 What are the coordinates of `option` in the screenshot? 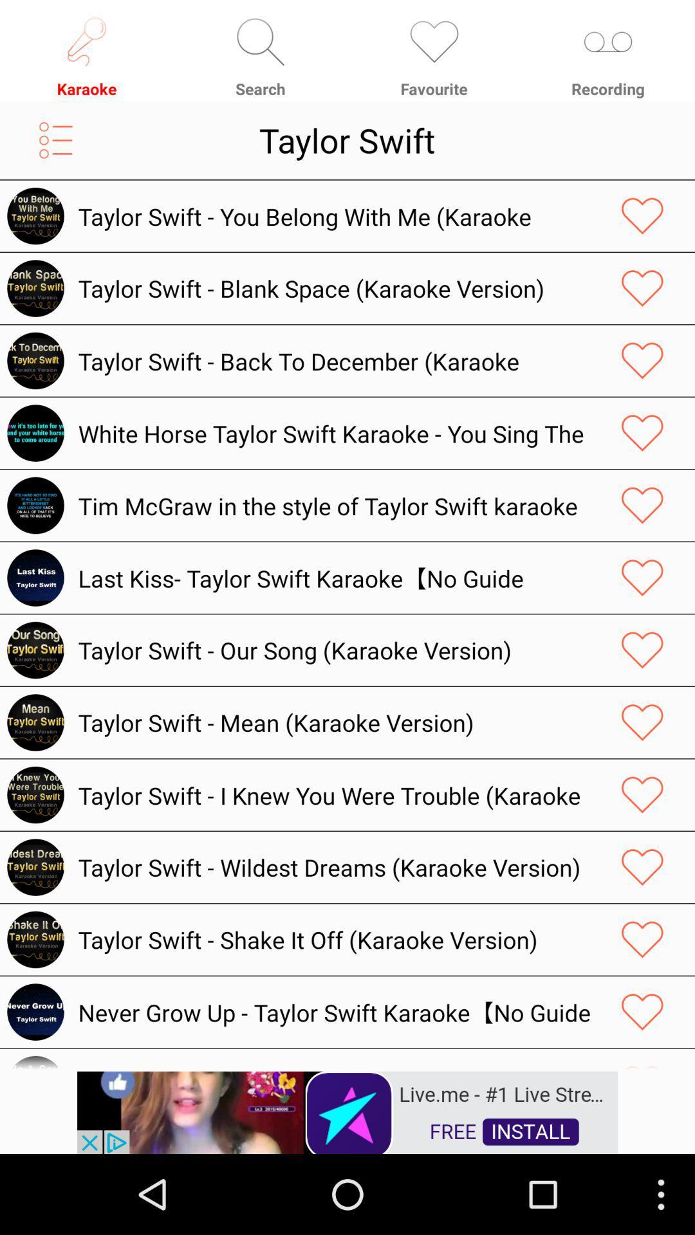 It's located at (642, 722).